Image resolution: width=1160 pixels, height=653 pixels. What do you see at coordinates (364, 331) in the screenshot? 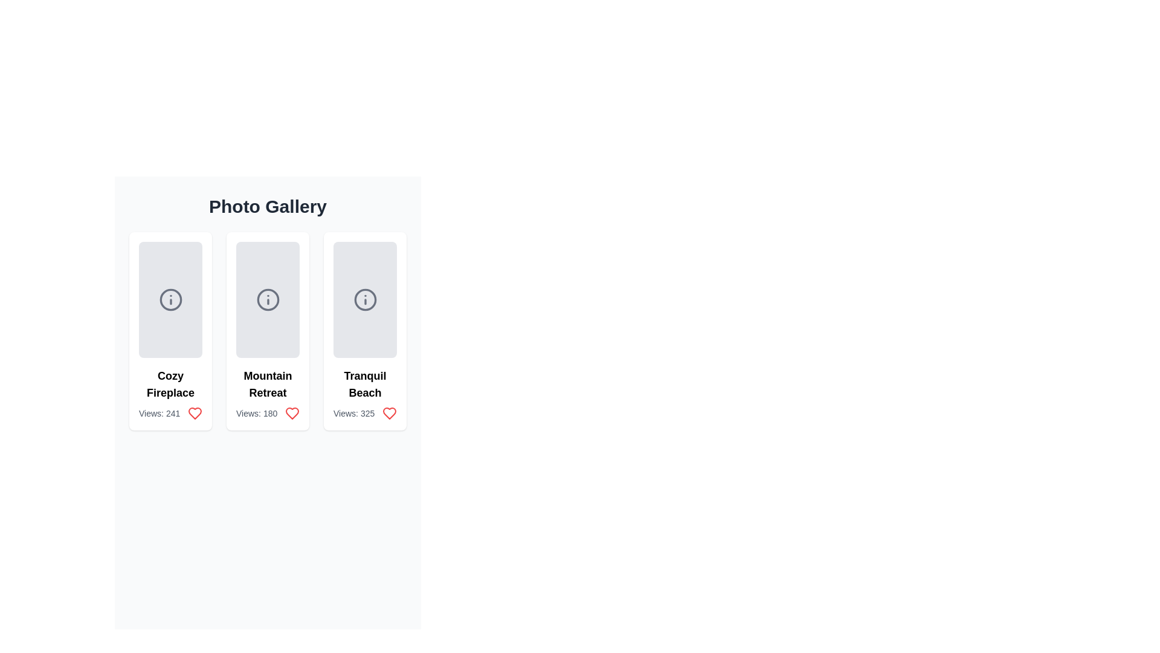
I see `the 'Tranquil Beach' card component, which is the third item in a three-column grid layout, positioned in the bottom right corner` at bounding box center [364, 331].